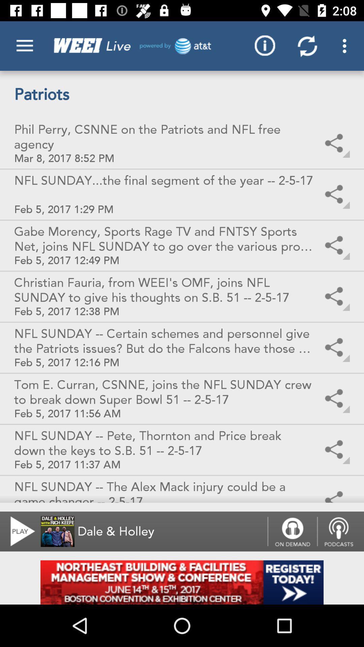 Image resolution: width=364 pixels, height=647 pixels. Describe the element at coordinates (182, 582) in the screenshot. I see `register today` at that location.